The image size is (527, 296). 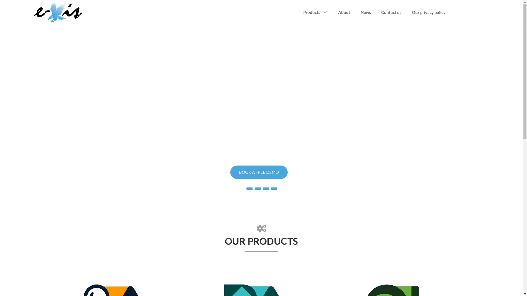 I want to click on 'Contact us', so click(x=381, y=12).